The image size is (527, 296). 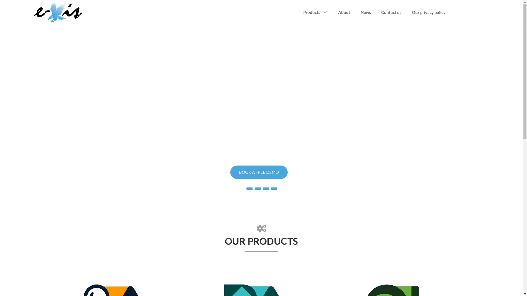 I want to click on 'Contact us', so click(x=381, y=12).